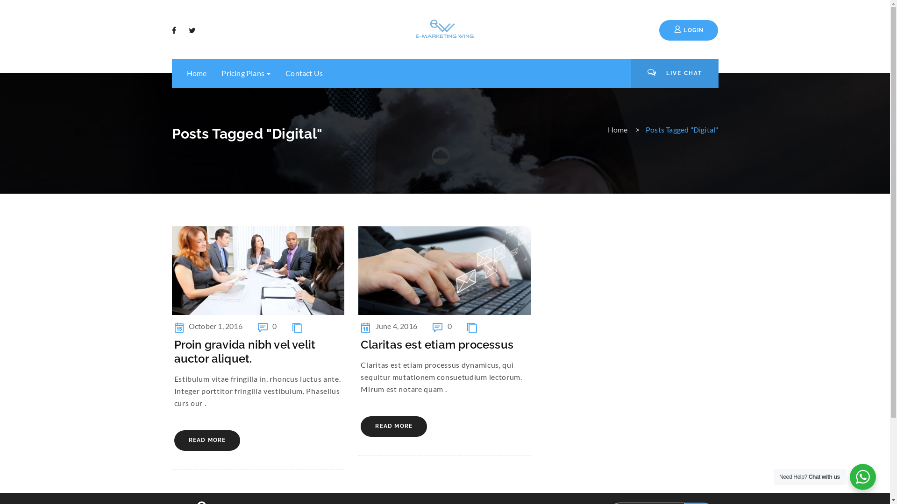 The width and height of the screenshot is (897, 504). I want to click on 'Pricing Plans', so click(213, 73).